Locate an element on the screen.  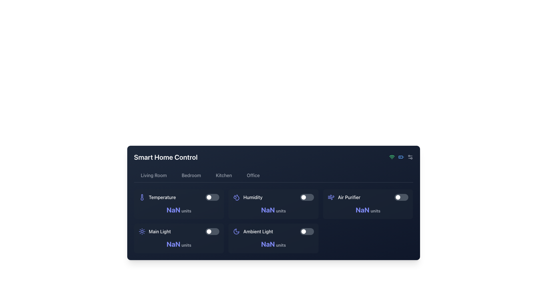
the Text display element that shows 'Temperature', currently displaying 'NaN' is located at coordinates (178, 210).